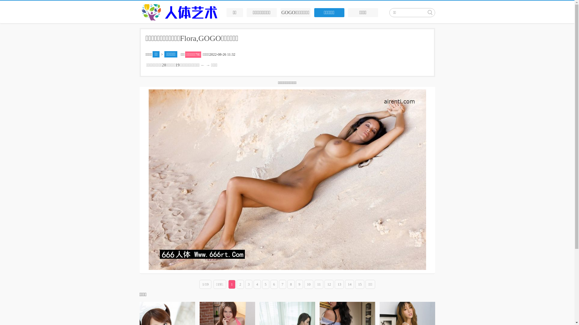 Image resolution: width=579 pixels, height=325 pixels. What do you see at coordinates (318, 284) in the screenshot?
I see `'11'` at bounding box center [318, 284].